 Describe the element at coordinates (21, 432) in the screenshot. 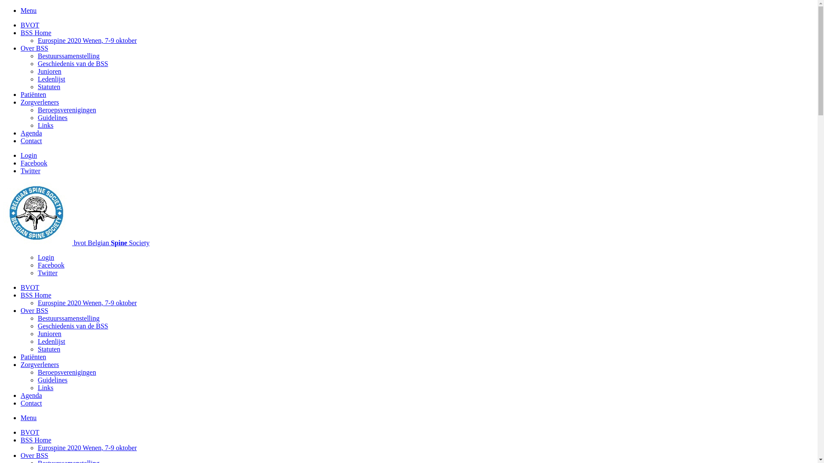

I see `'BVOT'` at that location.